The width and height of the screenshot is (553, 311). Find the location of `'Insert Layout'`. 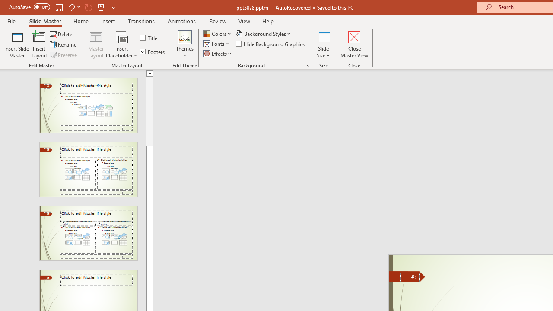

'Insert Layout' is located at coordinates (39, 44).